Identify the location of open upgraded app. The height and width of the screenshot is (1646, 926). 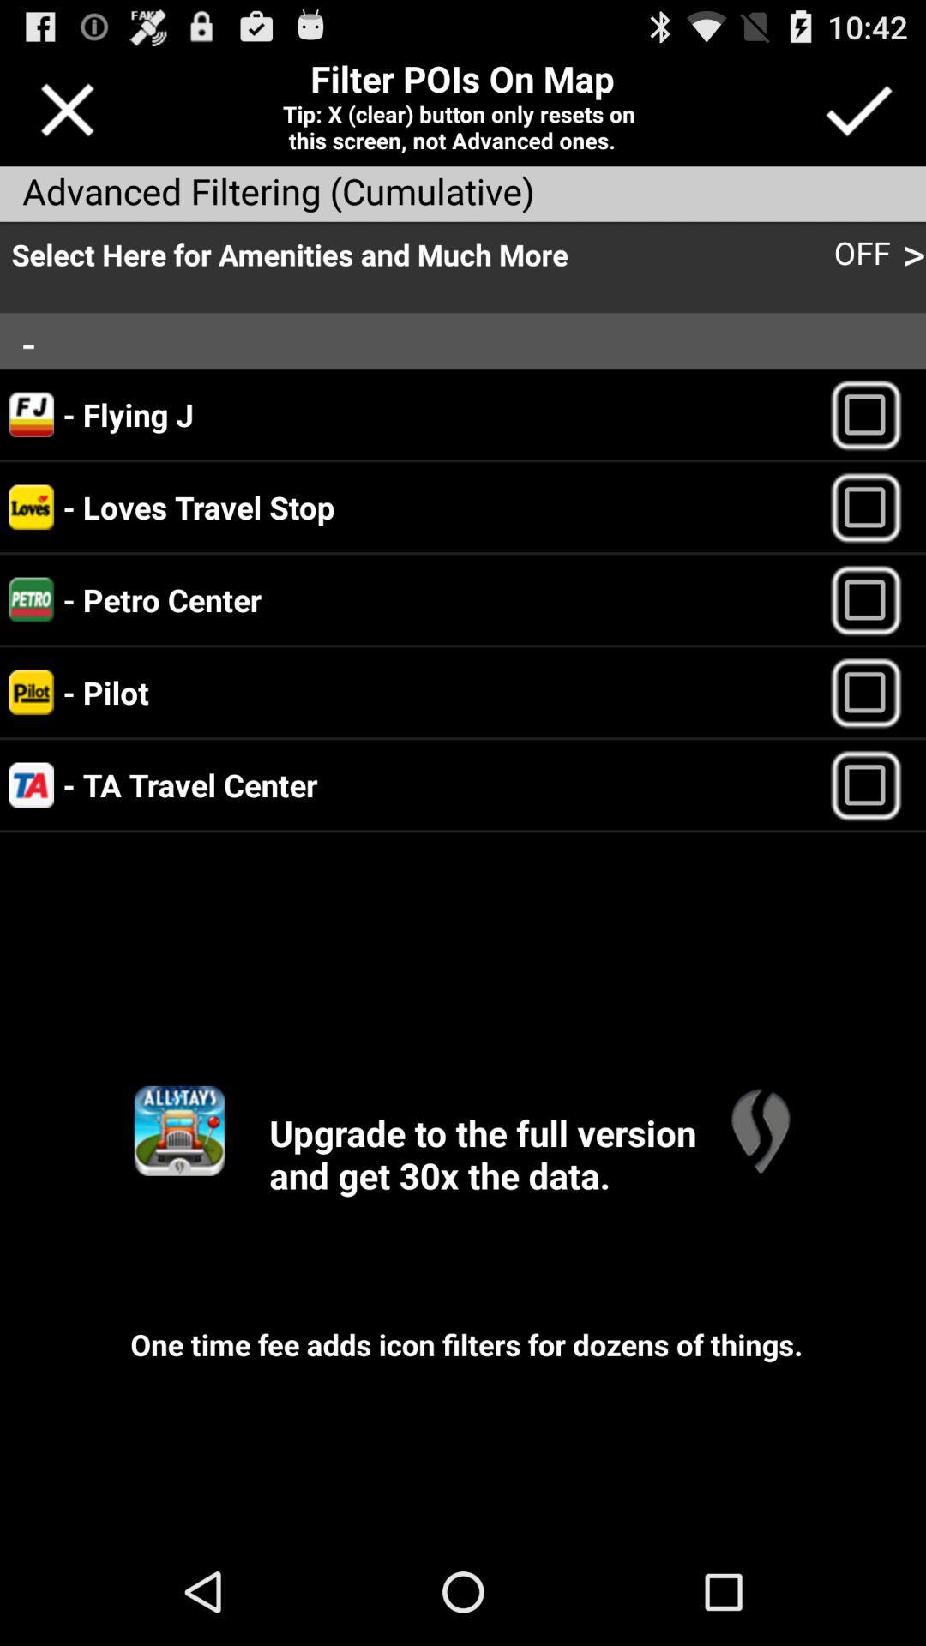
(179, 1131).